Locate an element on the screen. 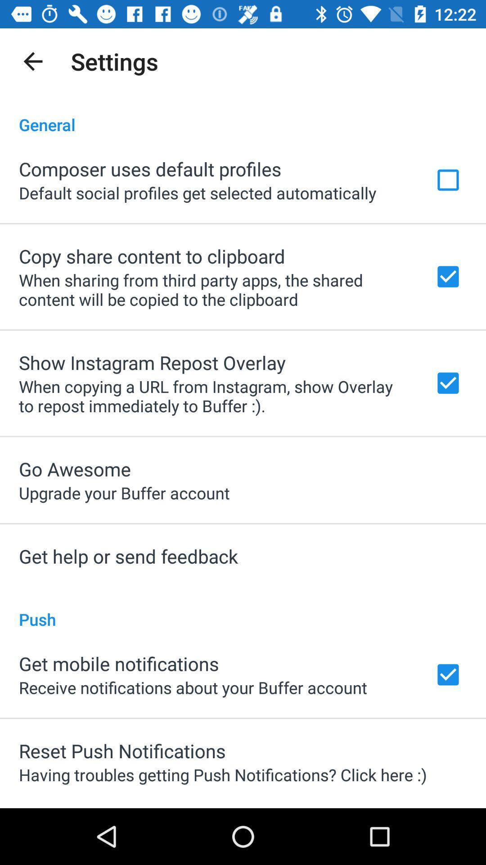 The height and width of the screenshot is (865, 486). the go awesome app is located at coordinates (74, 469).